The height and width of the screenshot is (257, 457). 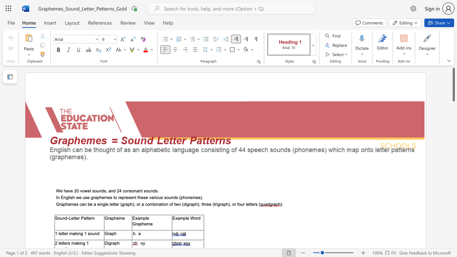 I want to click on the page's right scrollbar for downward movement, so click(x=453, y=153).